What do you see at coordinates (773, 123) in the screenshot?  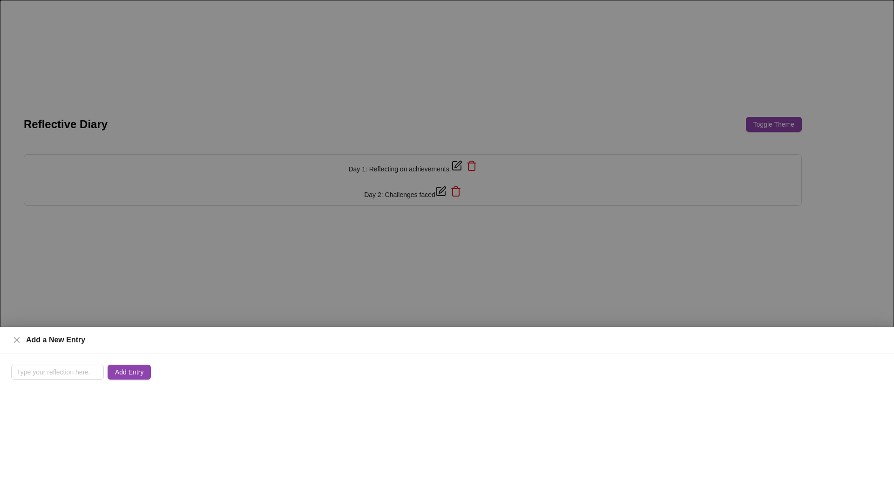 I see `the theme toggle button located in the upper-right corner of the interface to switch between light and dark modes` at bounding box center [773, 123].